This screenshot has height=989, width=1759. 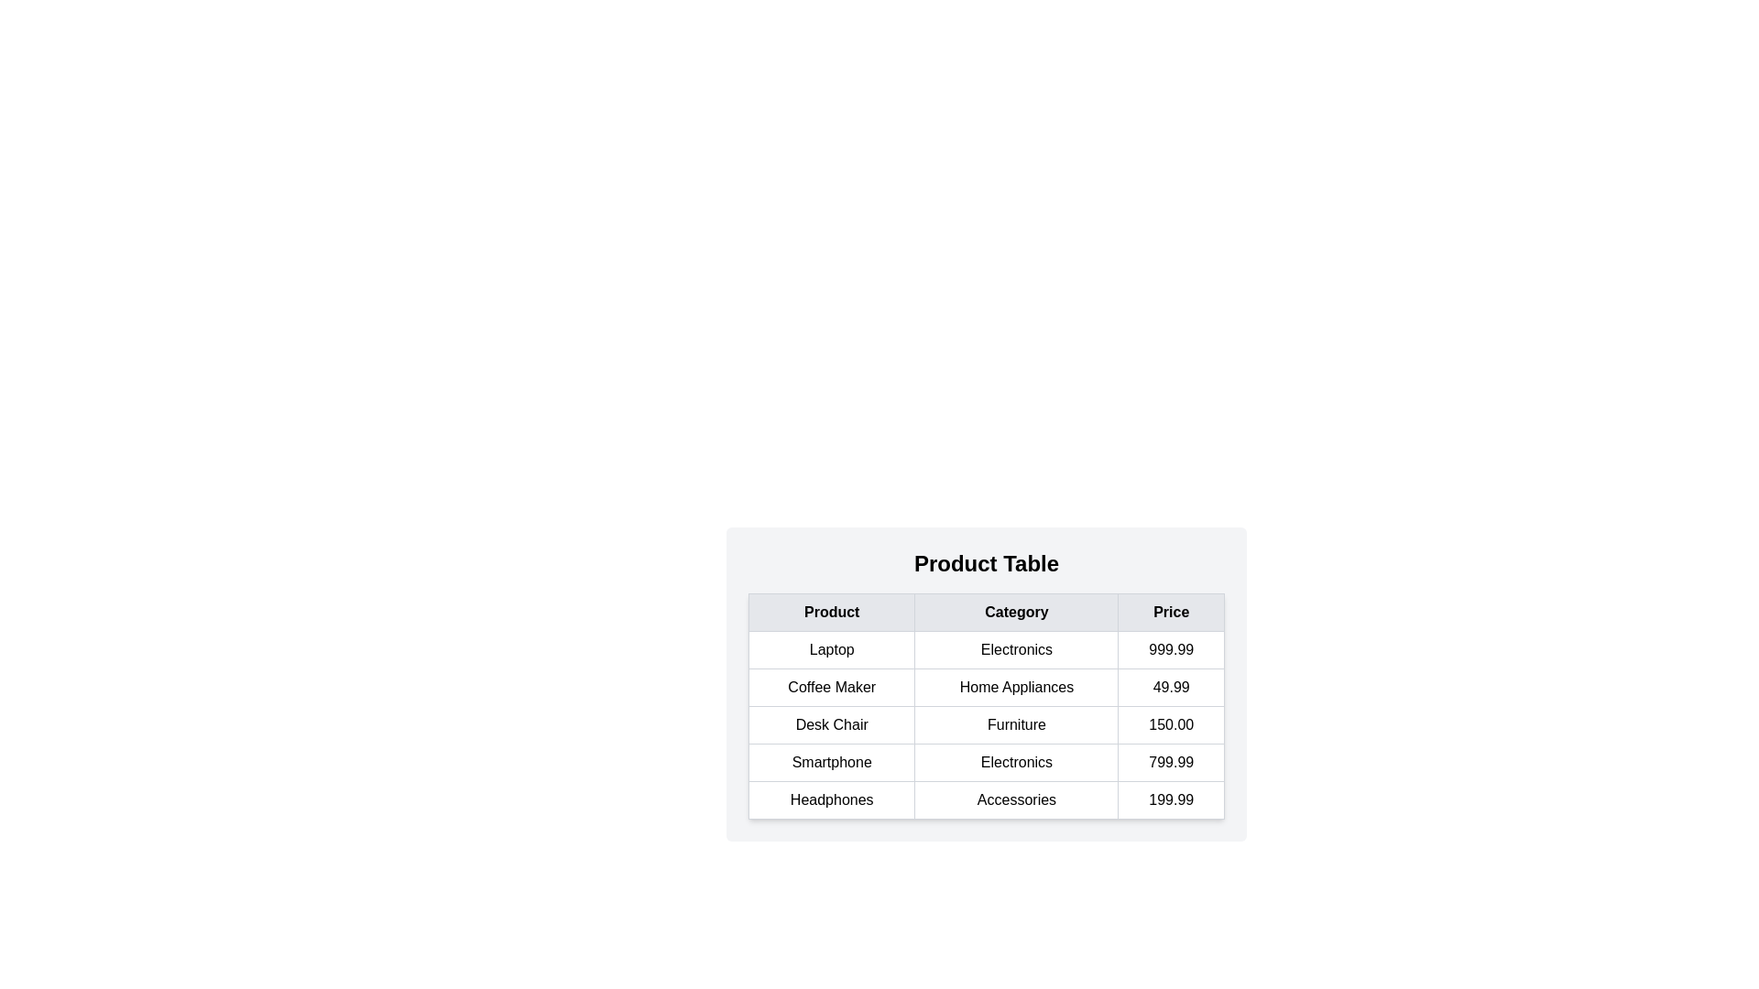 I want to click on the second row in the table, which contains the sections 'Coffee Maker', 'Home Appliances', and '49.99', styled with a light background and vertical separators, so click(x=985, y=688).